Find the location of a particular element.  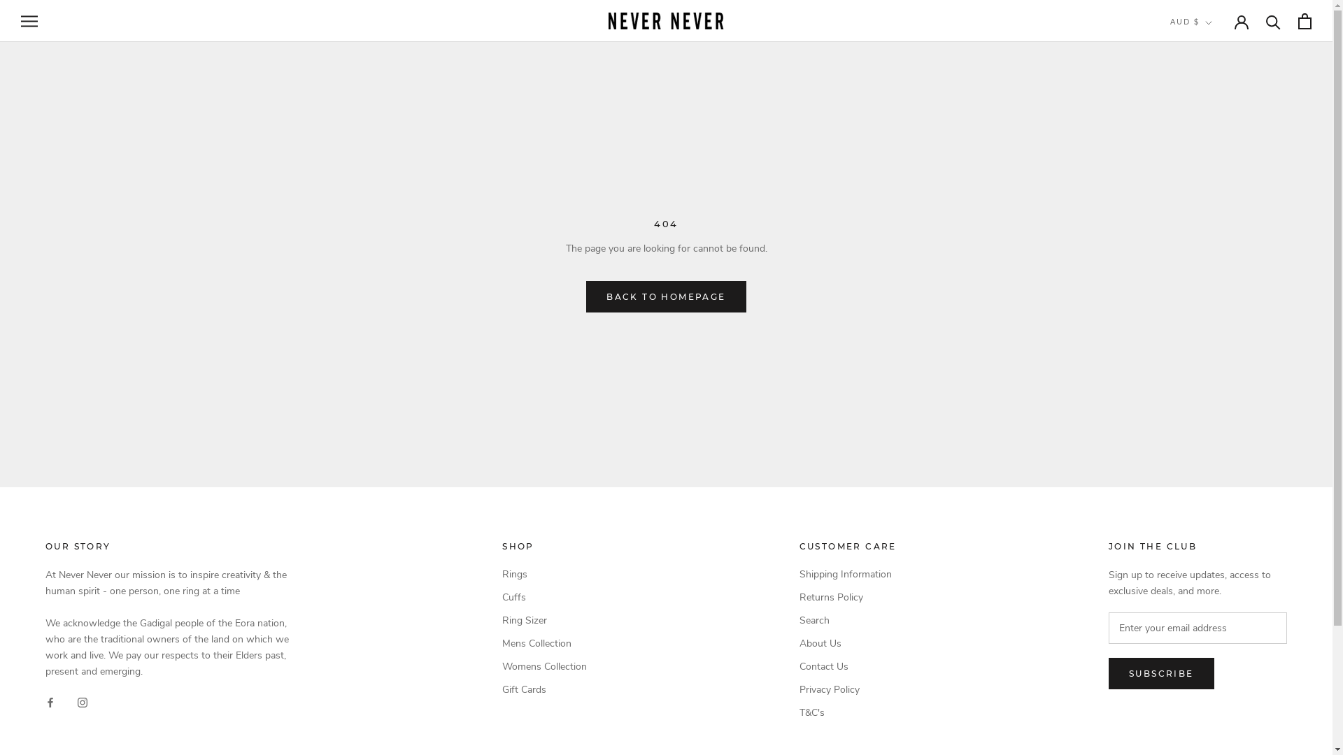

'Gift Cards' is located at coordinates (543, 689).